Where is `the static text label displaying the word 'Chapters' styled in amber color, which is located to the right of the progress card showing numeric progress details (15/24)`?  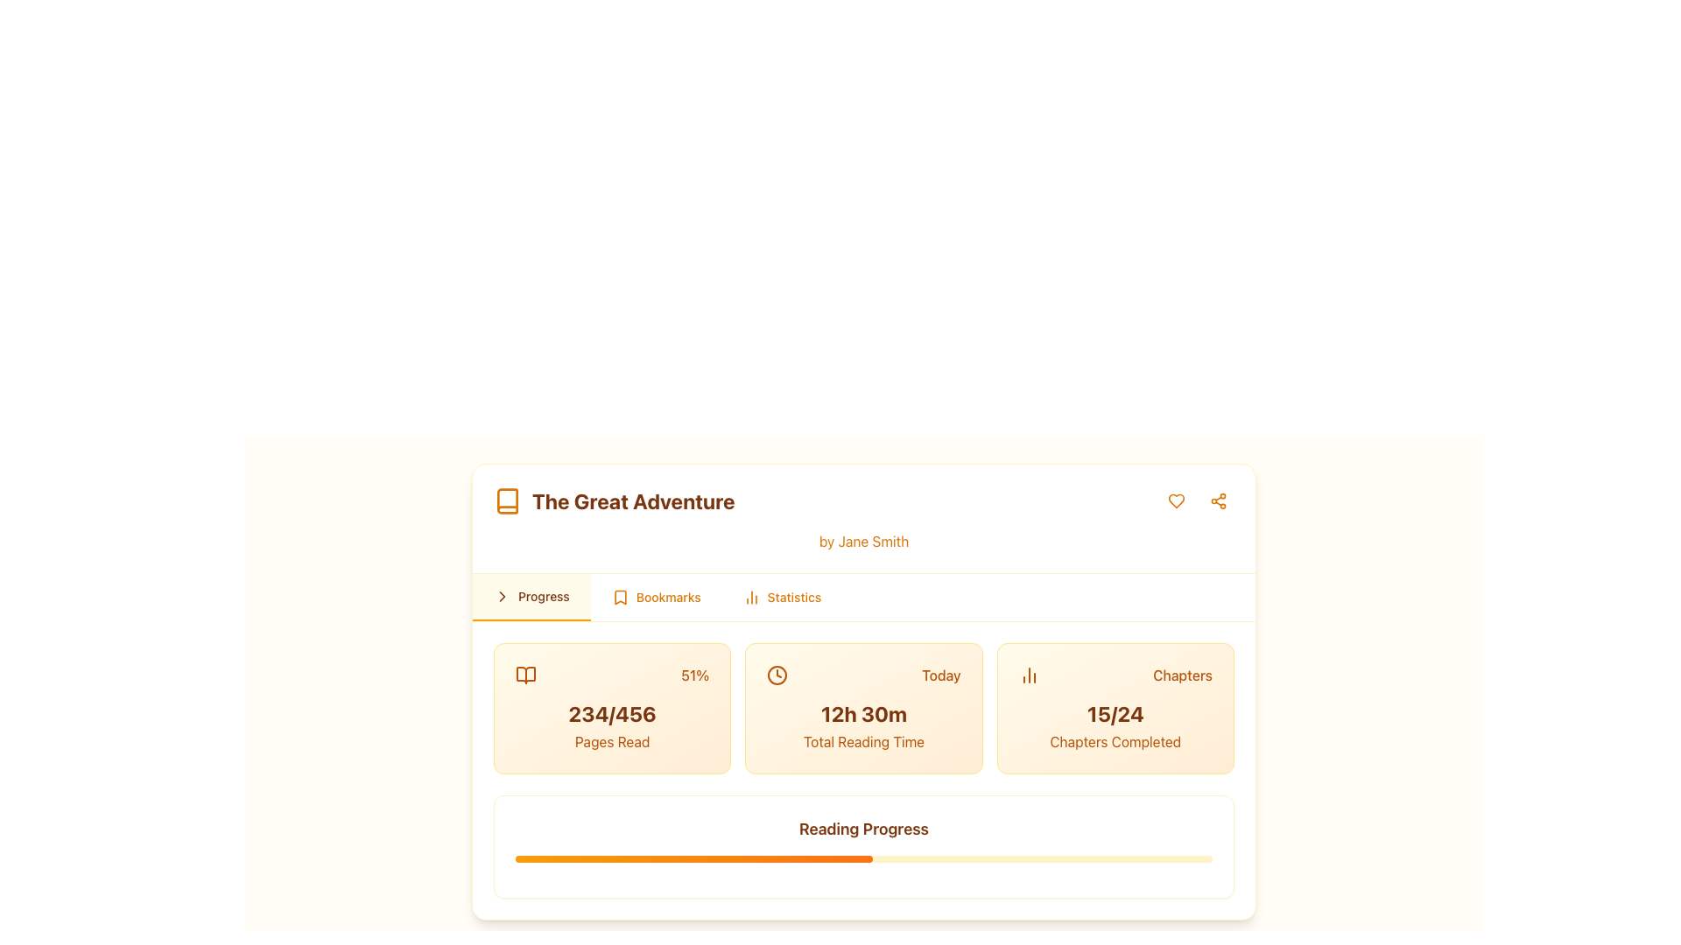 the static text label displaying the word 'Chapters' styled in amber color, which is located to the right of the progress card showing numeric progress details (15/24) is located at coordinates (1183, 674).